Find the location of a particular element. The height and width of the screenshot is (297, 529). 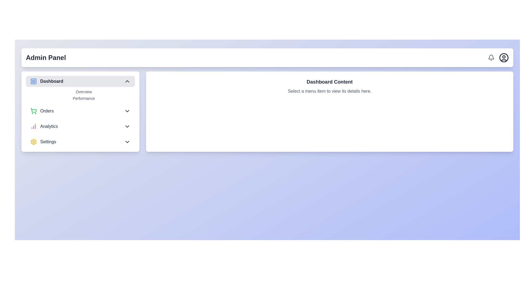

the Decorative SVG component representing a menu, located near the top-left corner of the dashboard panel, close to the text 'Dashboard.' is located at coordinates (33, 81).